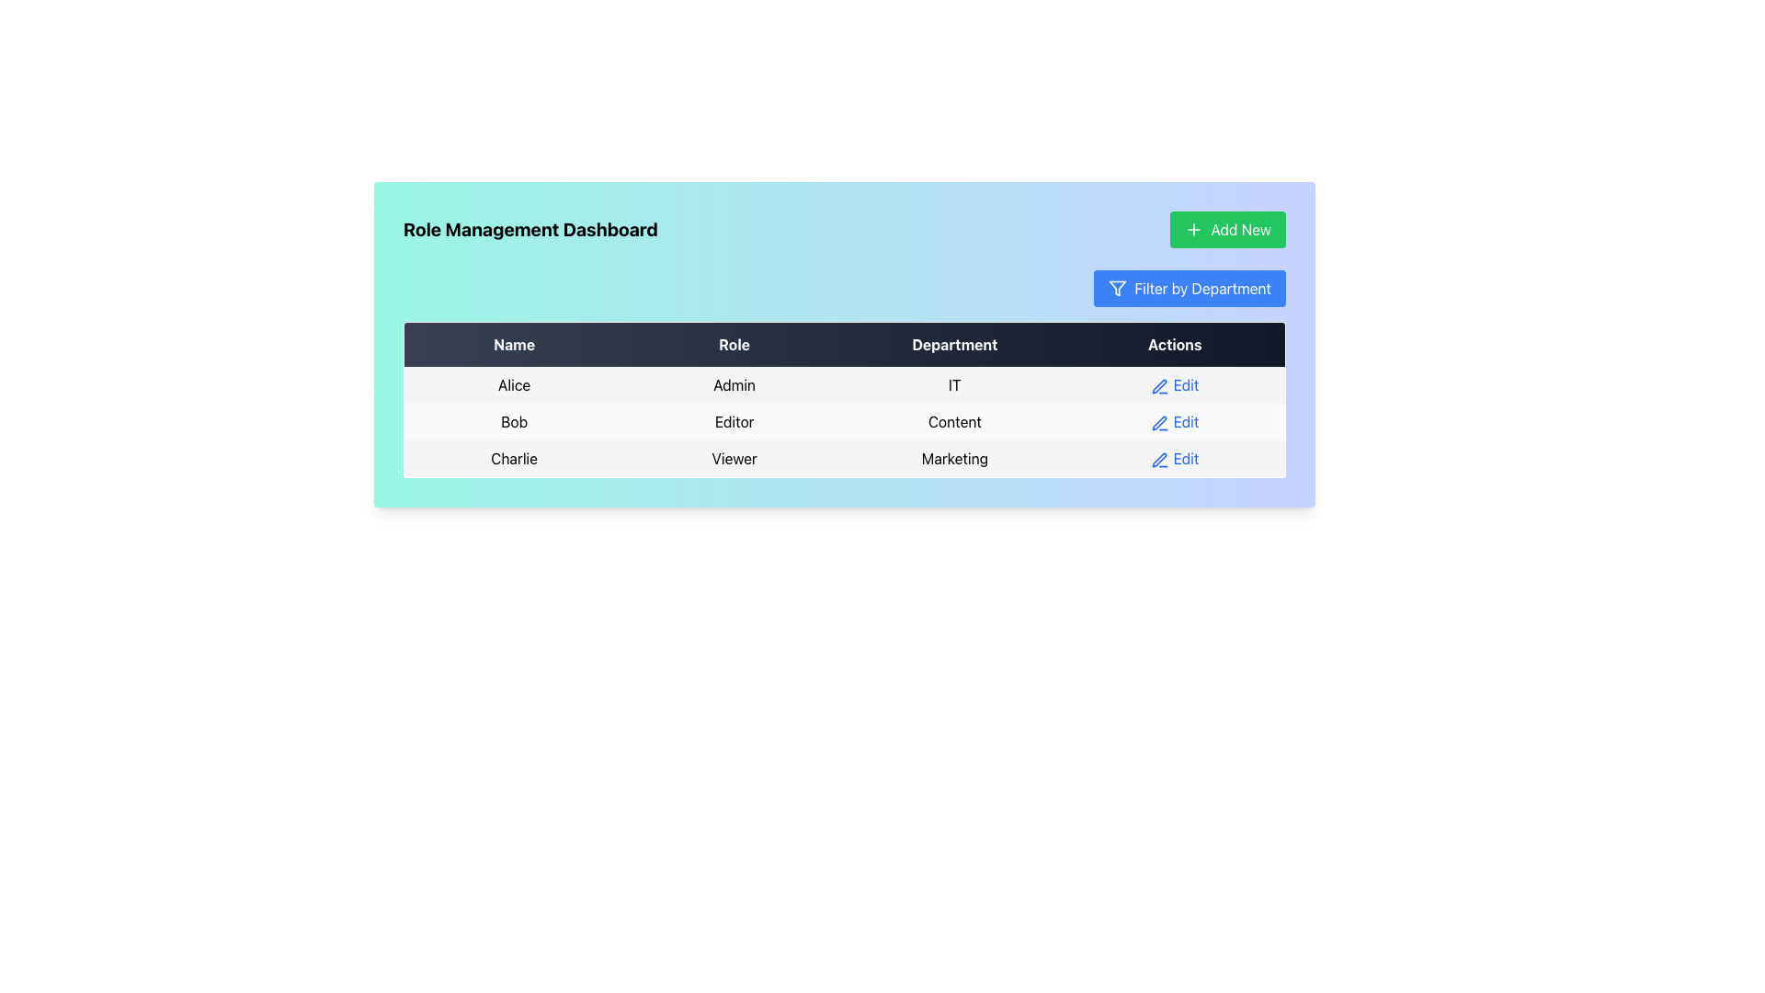  I want to click on the second row in the Role Management Dashboard table, which displays information about 'Bob', so click(843, 422).